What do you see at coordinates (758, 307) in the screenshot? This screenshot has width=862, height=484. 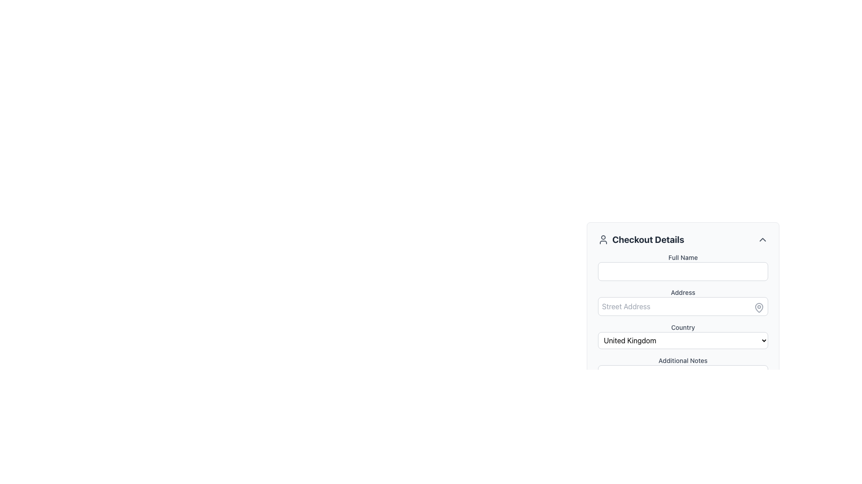 I see `the decorative pin icon located to the right of the 'Street Address' input field in the 'Checkout Details' form` at bounding box center [758, 307].